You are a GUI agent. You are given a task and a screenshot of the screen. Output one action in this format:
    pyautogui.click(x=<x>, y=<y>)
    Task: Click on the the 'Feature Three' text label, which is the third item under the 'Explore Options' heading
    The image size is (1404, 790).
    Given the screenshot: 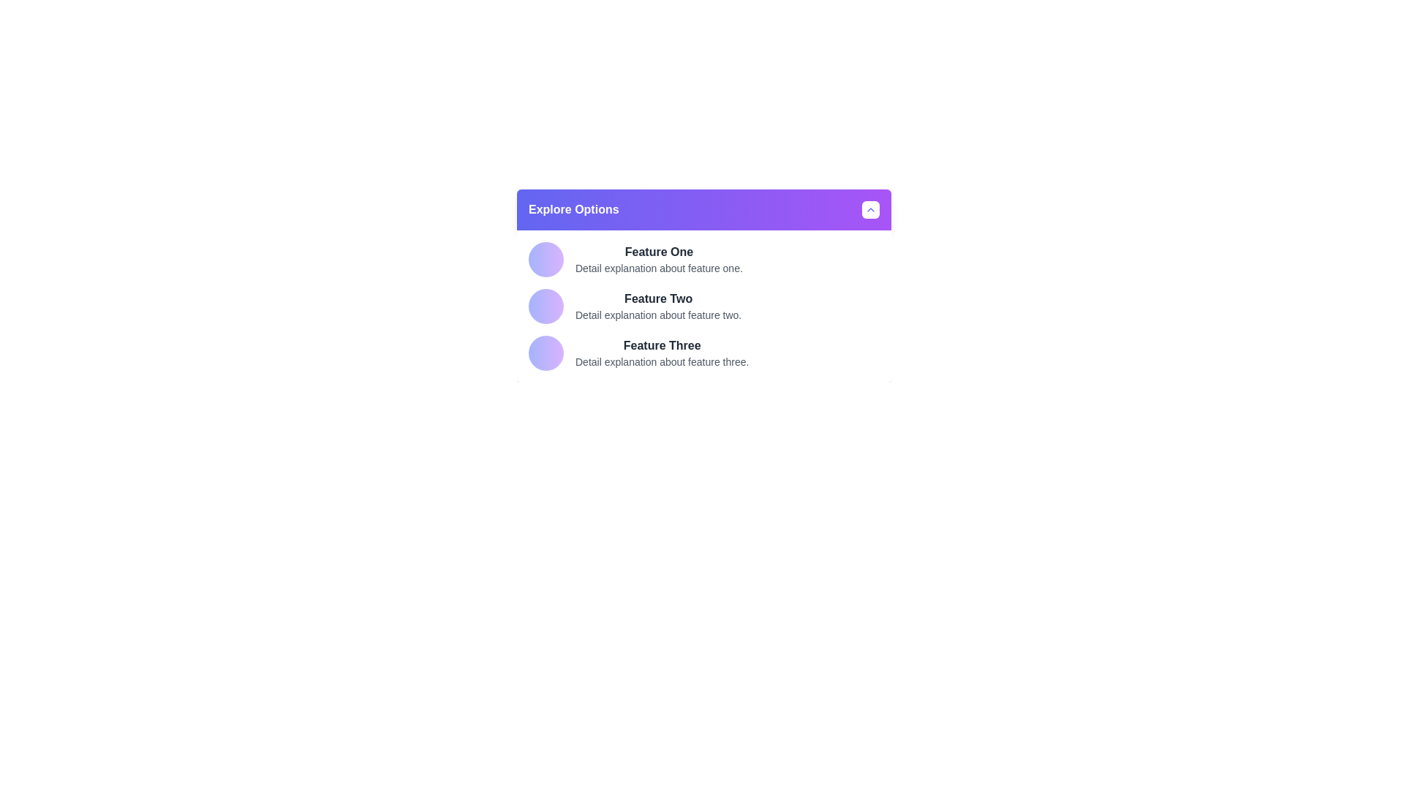 What is the action you would take?
    pyautogui.click(x=661, y=346)
    